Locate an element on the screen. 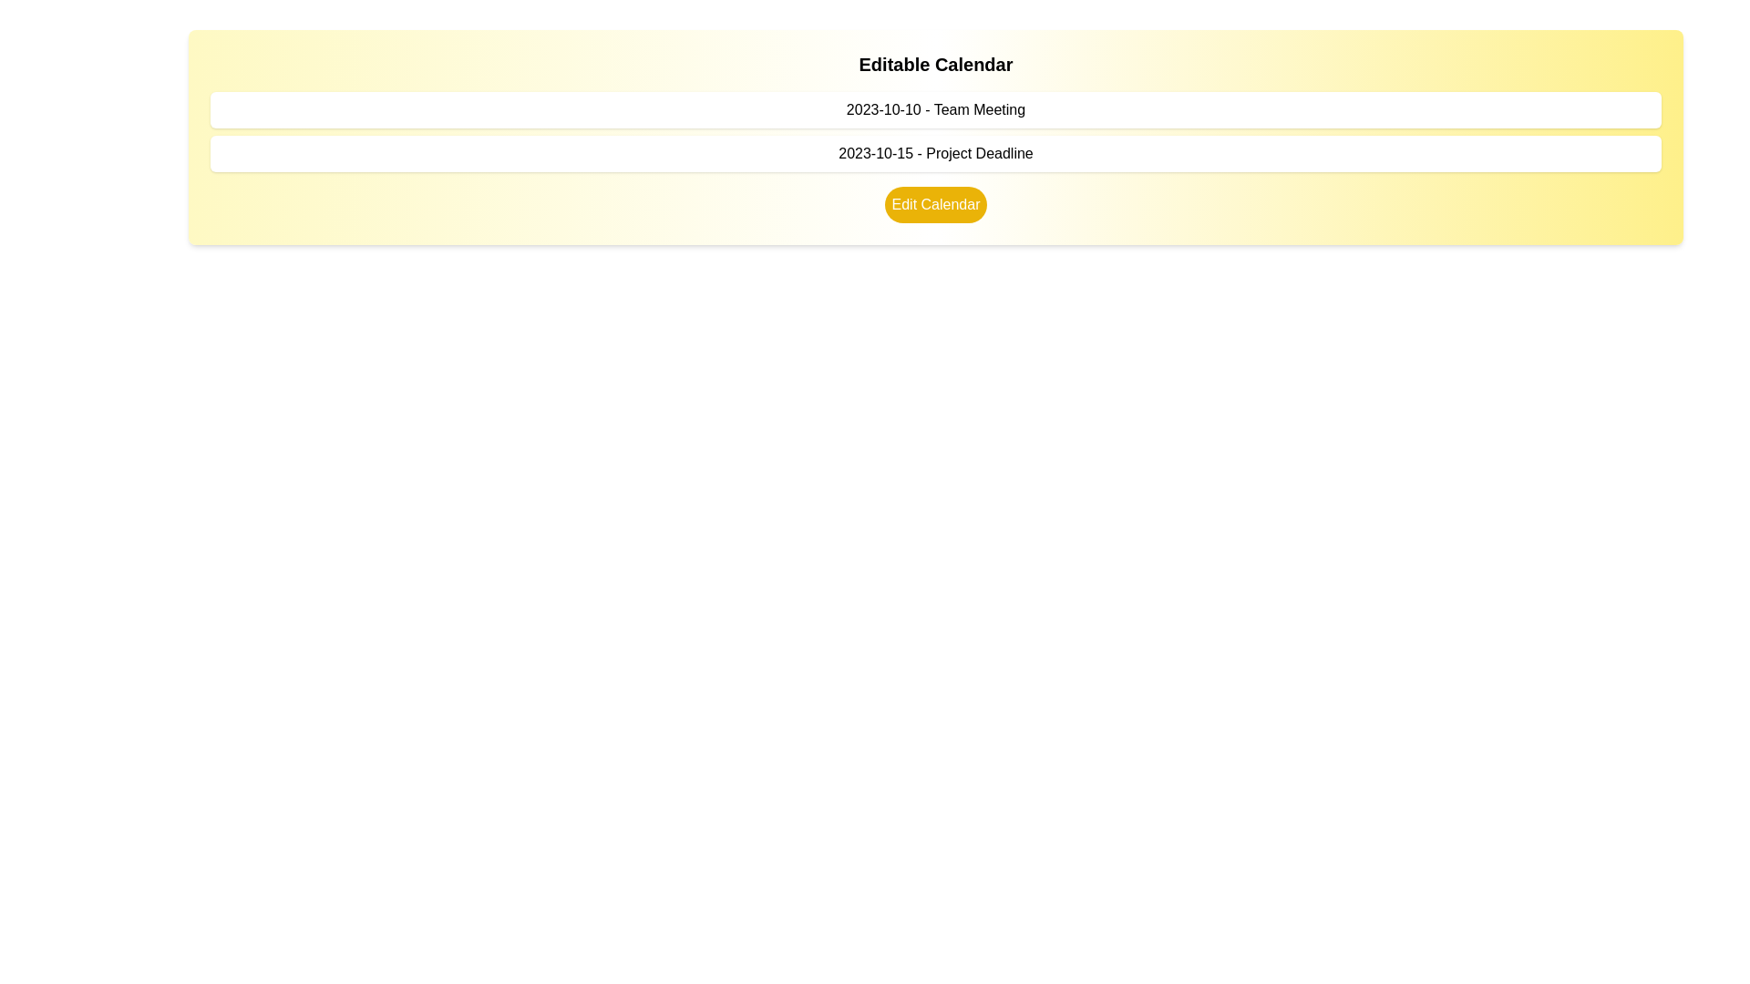 The image size is (1750, 984). the button located below the listed items '2023-10-10 - Team Meeting' and '2023-10-15 - Project Deadline' in the main calendar section is located at coordinates (936, 204).